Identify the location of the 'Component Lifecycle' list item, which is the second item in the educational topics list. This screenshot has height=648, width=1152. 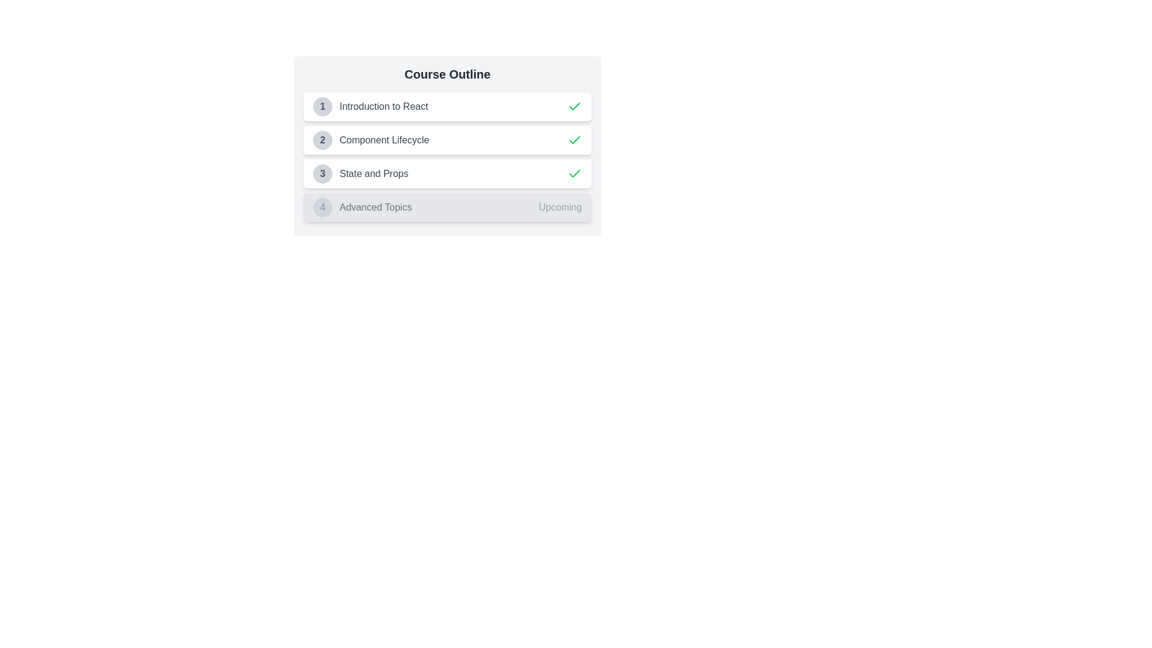
(370, 140).